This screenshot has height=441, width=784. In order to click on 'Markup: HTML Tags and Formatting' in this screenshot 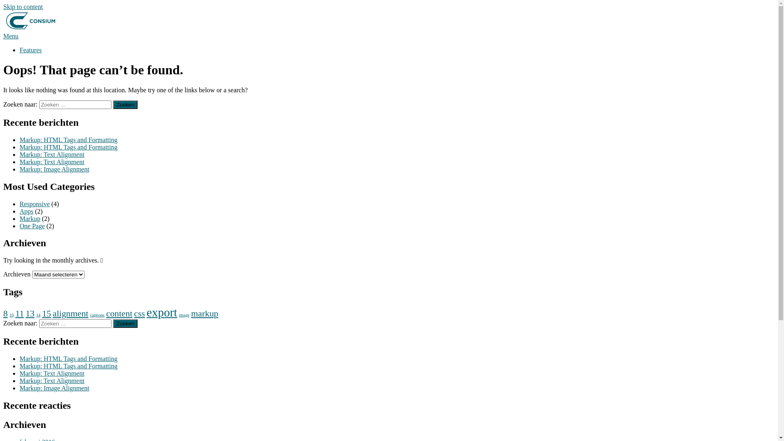, I will do `click(69, 358)`.